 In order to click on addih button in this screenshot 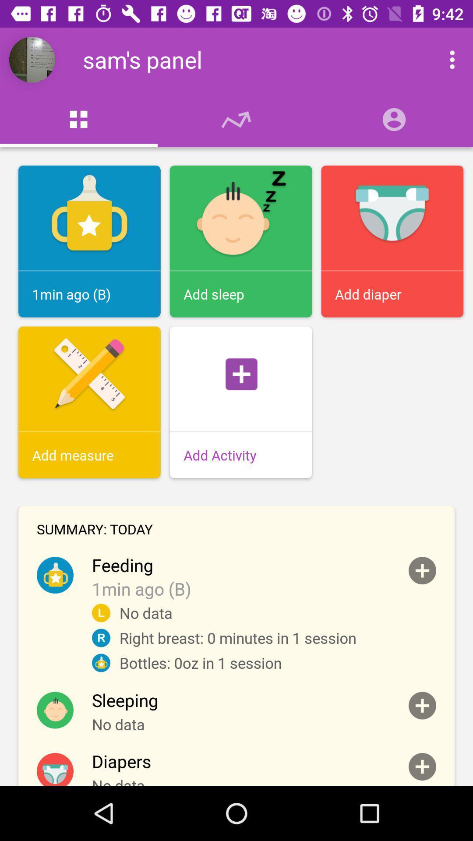, I will do `click(422, 706)`.